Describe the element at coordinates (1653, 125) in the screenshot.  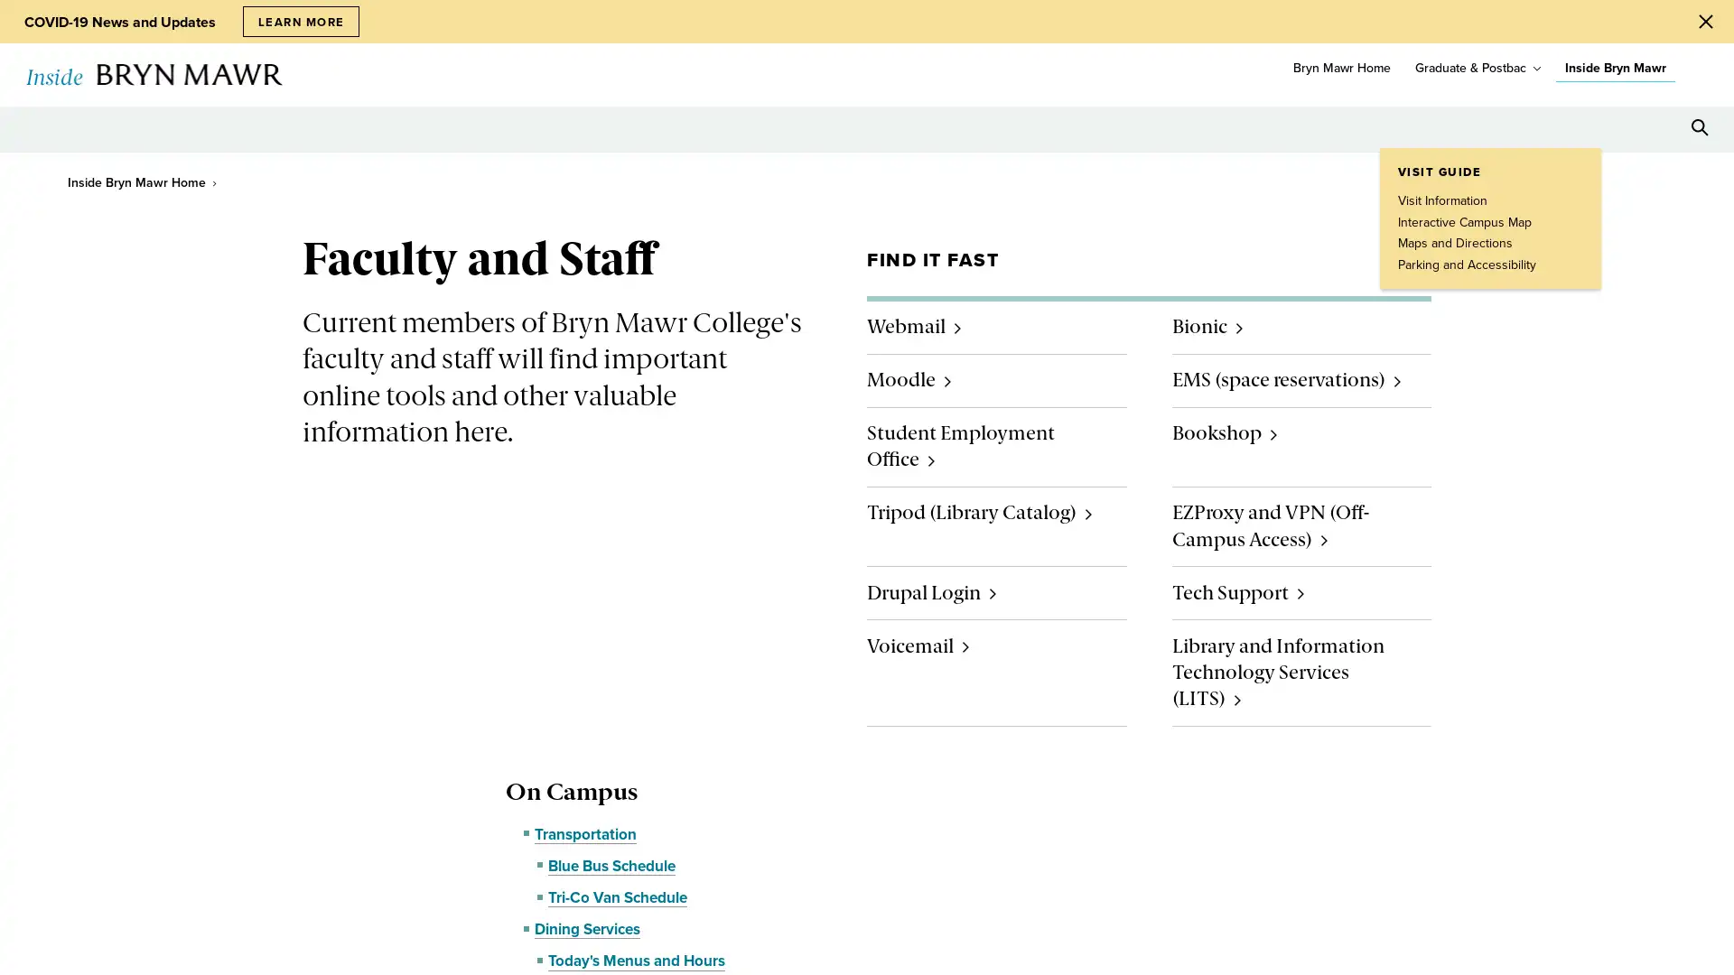
I see `Open Resources menu` at that location.